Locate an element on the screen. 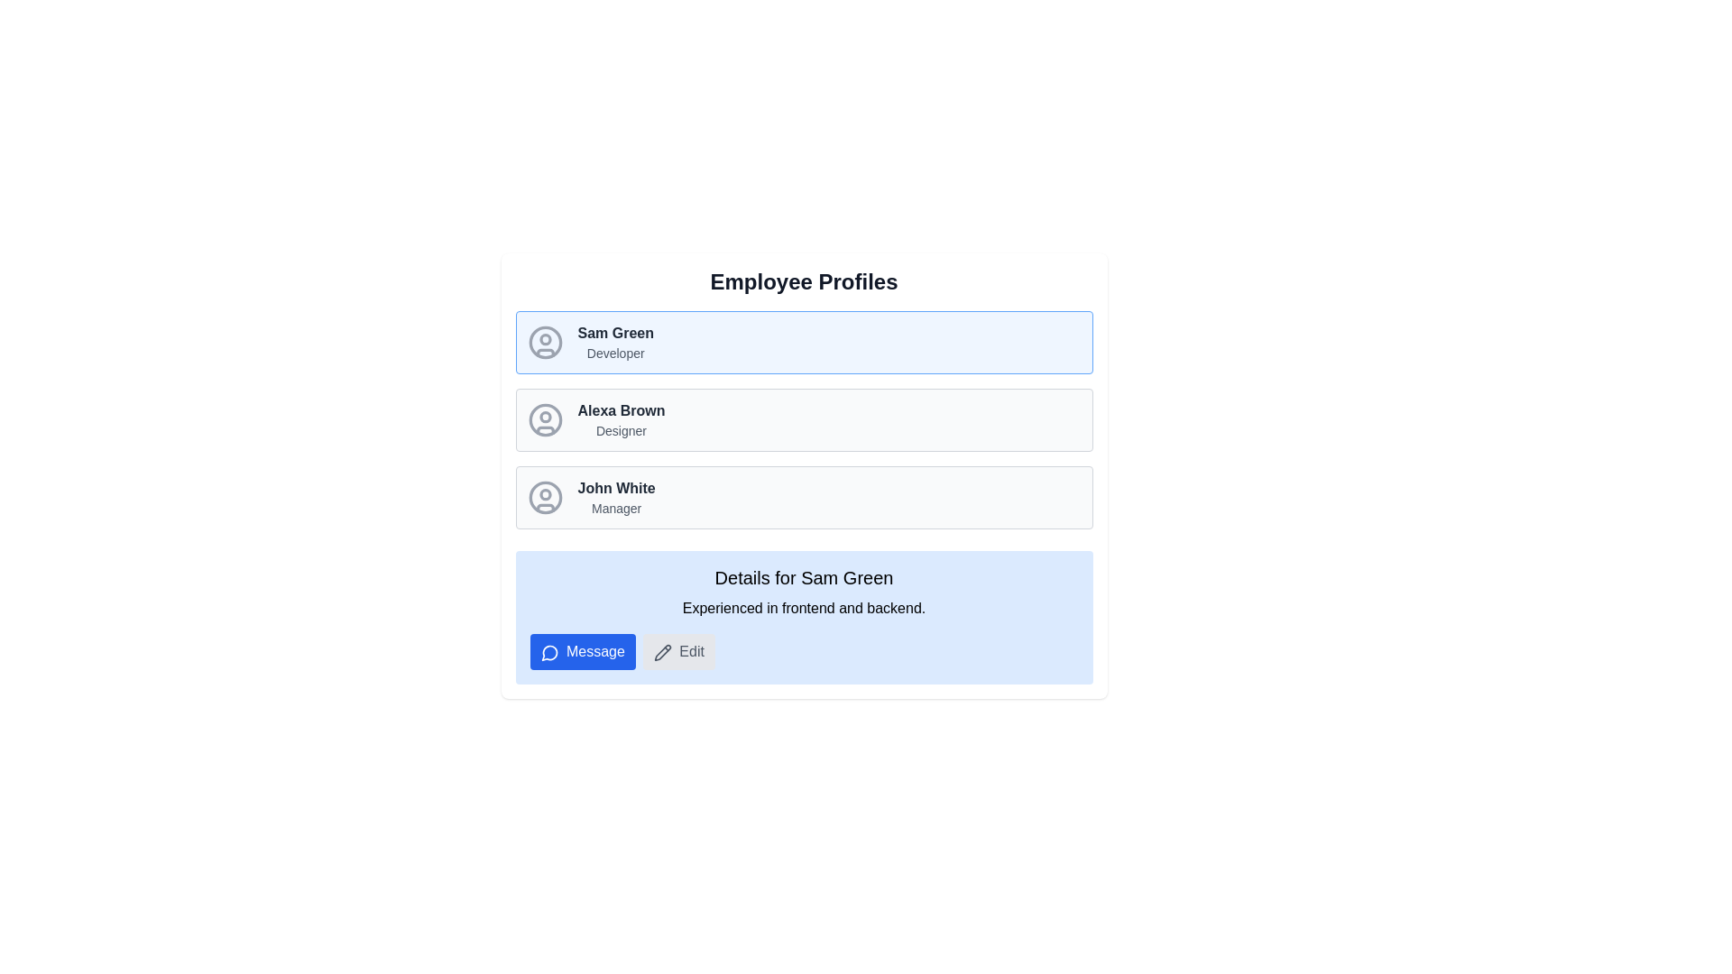 The width and height of the screenshot is (1732, 974). the third Profile card in the Employee Profiles list is located at coordinates (803, 497).